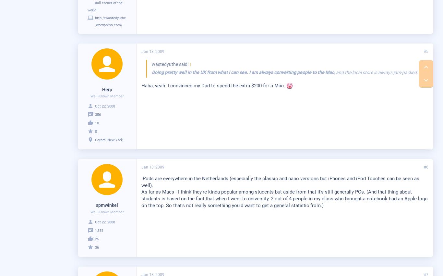 This screenshot has height=276, width=443. Describe the element at coordinates (109, 140) in the screenshot. I see `'Coram, New York'` at that location.